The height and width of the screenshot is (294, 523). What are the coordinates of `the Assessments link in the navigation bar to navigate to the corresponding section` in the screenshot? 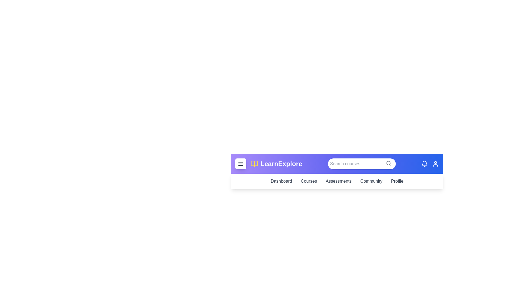 It's located at (338, 181).